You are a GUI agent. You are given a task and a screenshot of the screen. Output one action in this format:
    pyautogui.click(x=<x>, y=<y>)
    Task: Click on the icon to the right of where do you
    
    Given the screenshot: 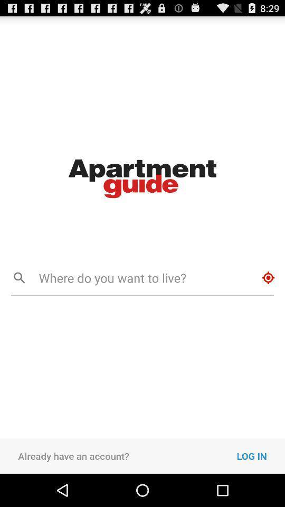 What is the action you would take?
    pyautogui.click(x=268, y=277)
    